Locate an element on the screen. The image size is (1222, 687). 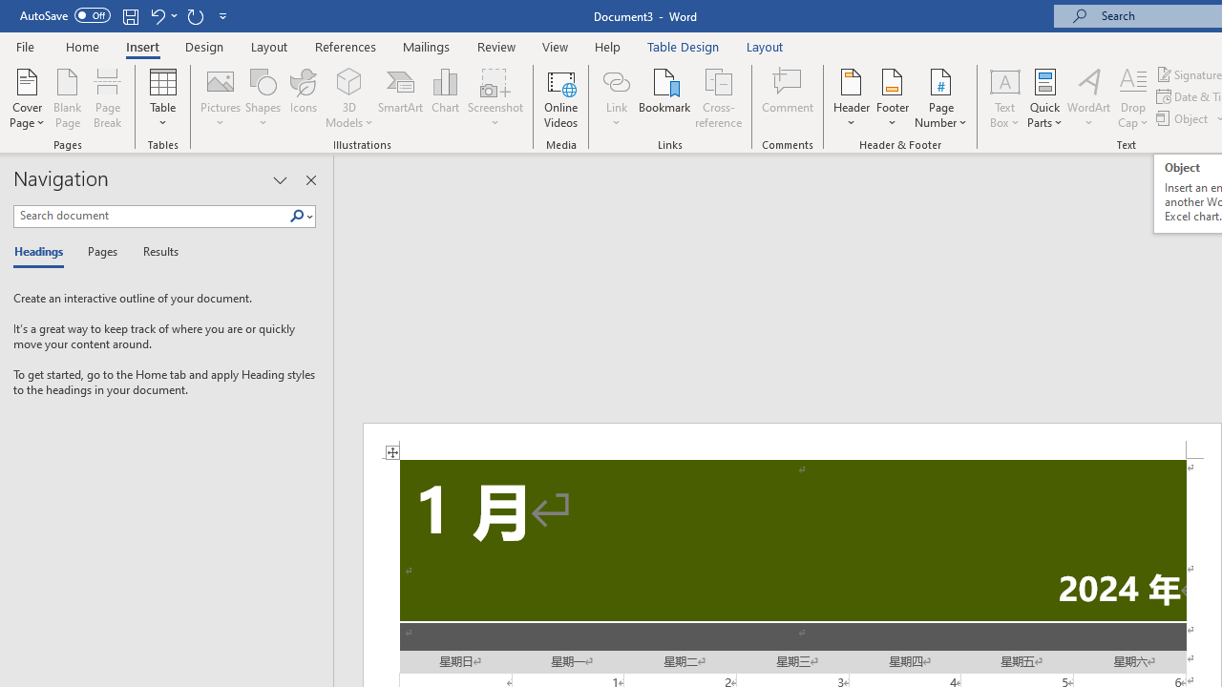
'Pages' is located at coordinates (99, 252).